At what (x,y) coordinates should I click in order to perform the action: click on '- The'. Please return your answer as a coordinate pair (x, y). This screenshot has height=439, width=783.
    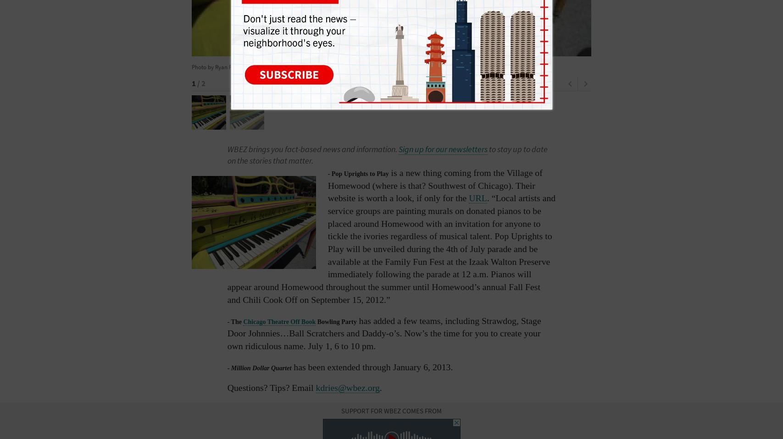
    Looking at the image, I should click on (235, 321).